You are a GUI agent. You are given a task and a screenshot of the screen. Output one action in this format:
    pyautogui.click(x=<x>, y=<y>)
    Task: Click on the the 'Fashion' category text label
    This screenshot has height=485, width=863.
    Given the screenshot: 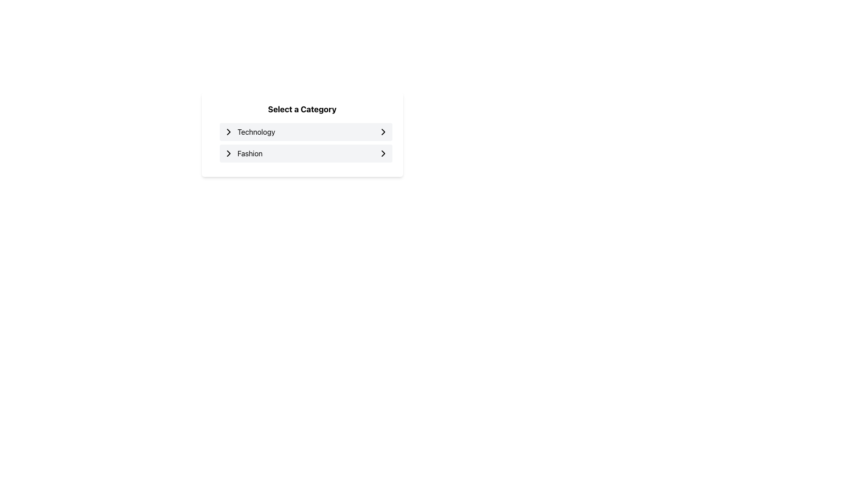 What is the action you would take?
    pyautogui.click(x=243, y=153)
    